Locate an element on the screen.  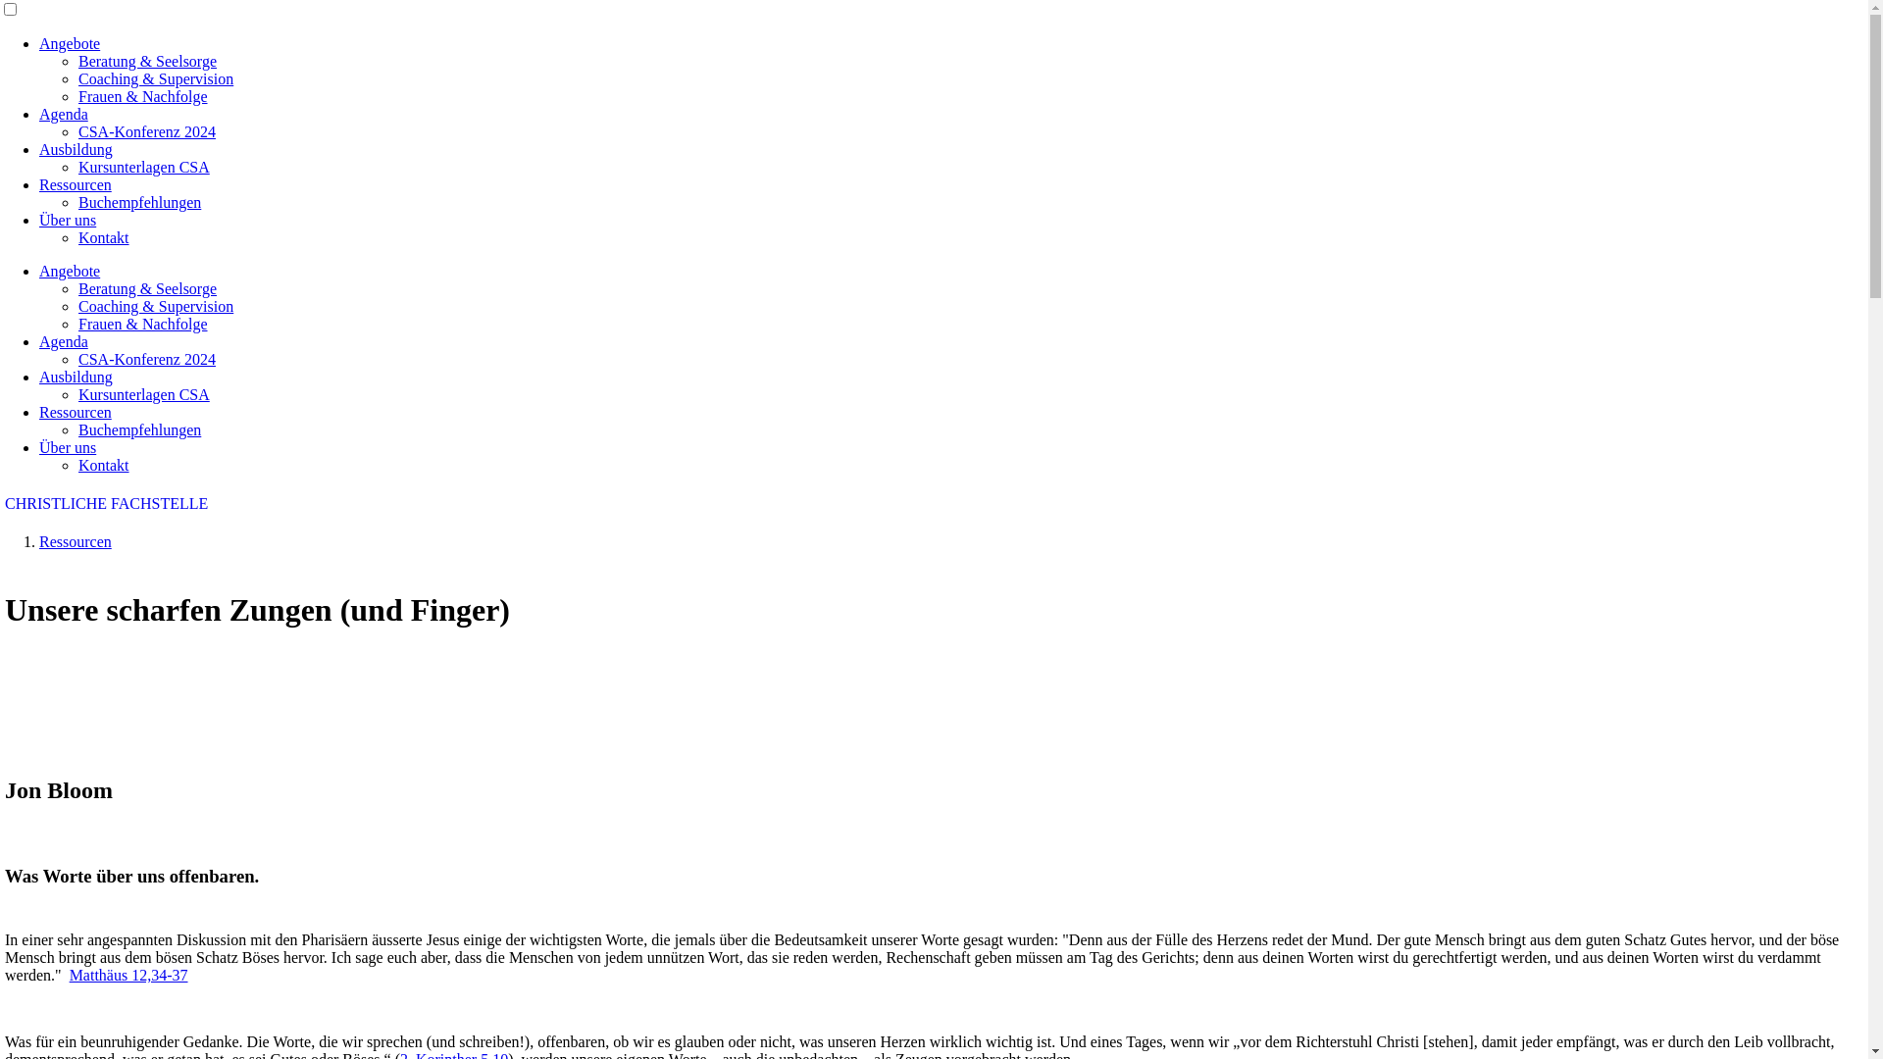
'Beratung & Seelsorge' is located at coordinates (146, 288).